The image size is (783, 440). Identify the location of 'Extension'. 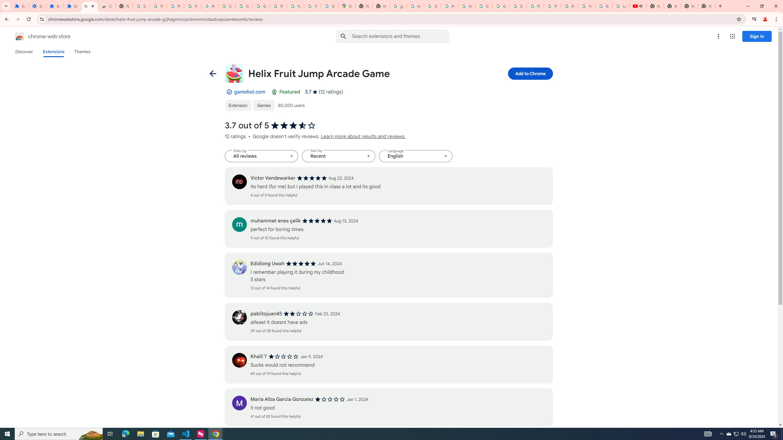
(238, 105).